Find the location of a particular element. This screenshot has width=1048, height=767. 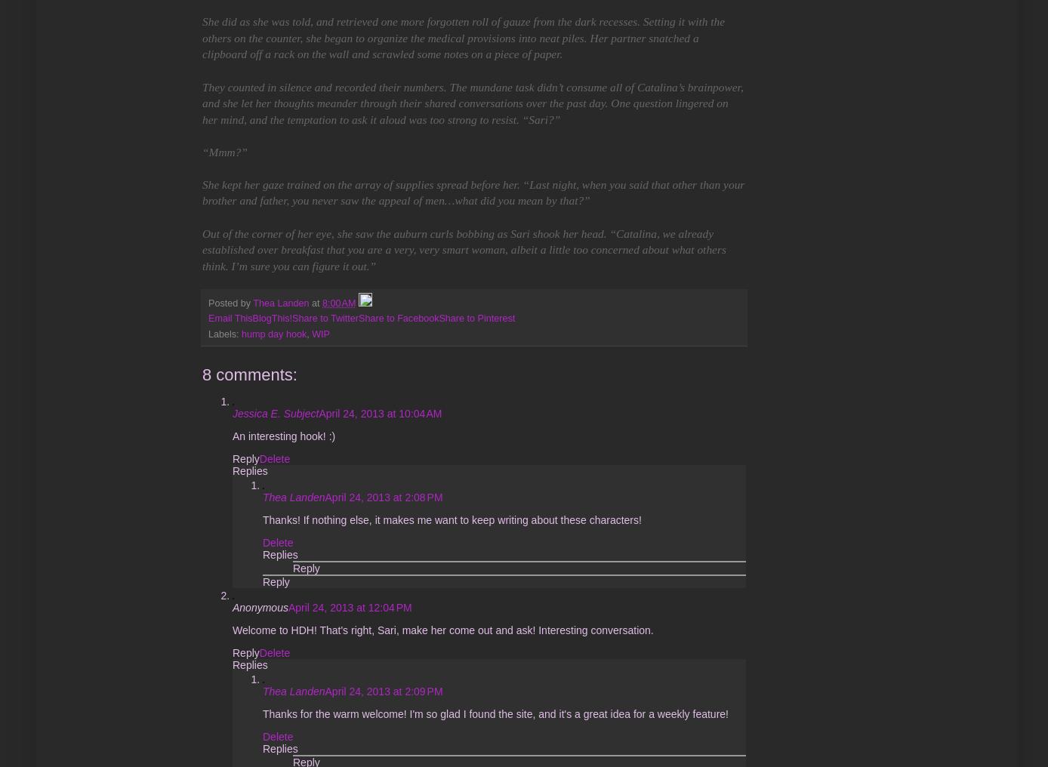

'BlogThis!' is located at coordinates (272, 318).